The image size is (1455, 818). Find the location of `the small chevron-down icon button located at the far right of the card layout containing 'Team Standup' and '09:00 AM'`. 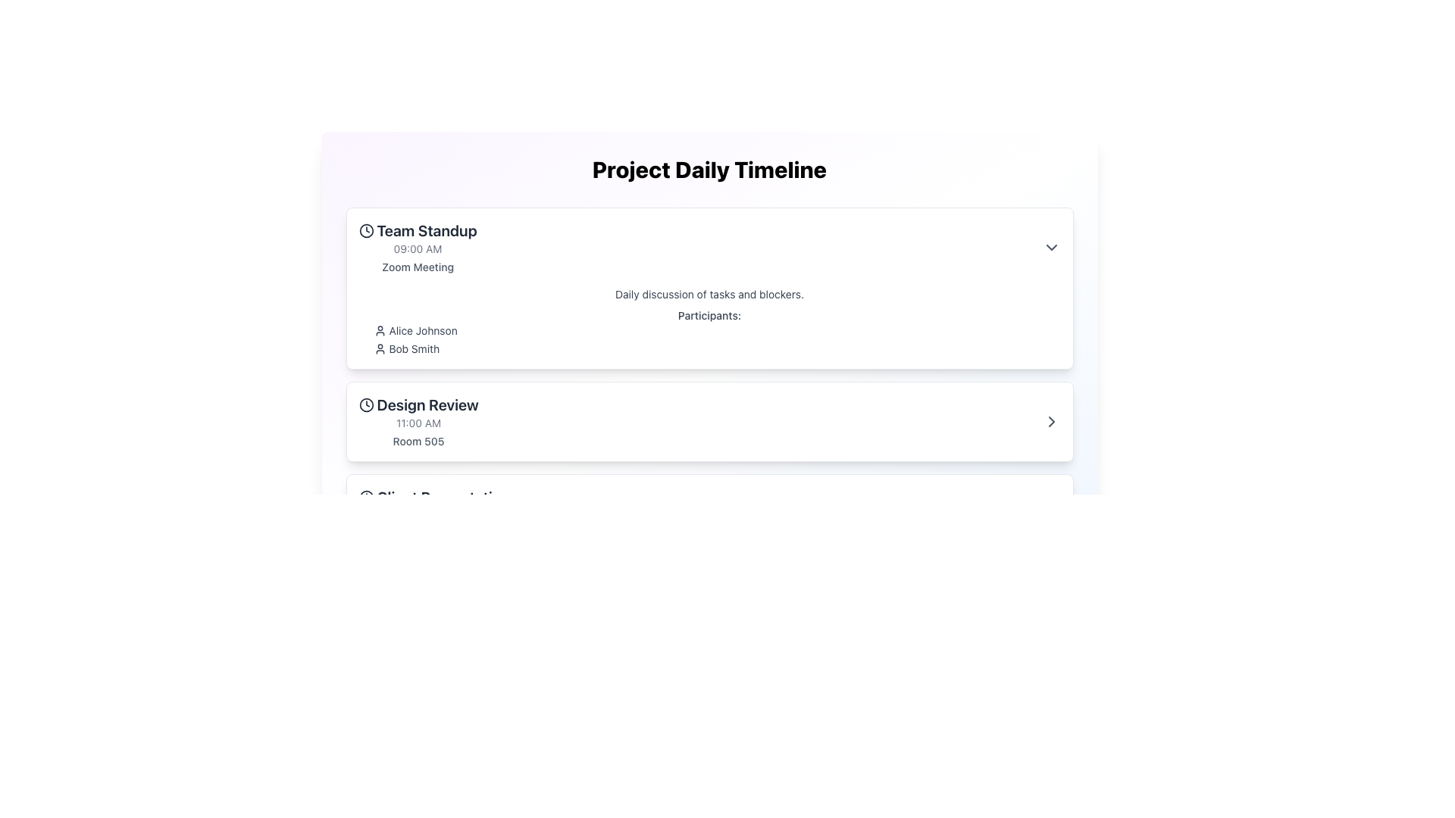

the small chevron-down icon button located at the far right of the card layout containing 'Team Standup' and '09:00 AM' is located at coordinates (1050, 247).